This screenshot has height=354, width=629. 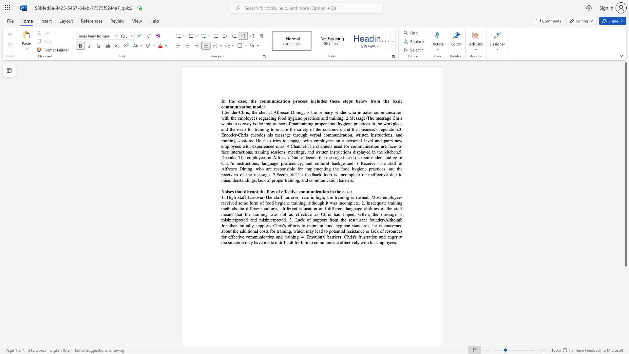 I want to click on the 11th character "e" in the text, so click(x=262, y=106).